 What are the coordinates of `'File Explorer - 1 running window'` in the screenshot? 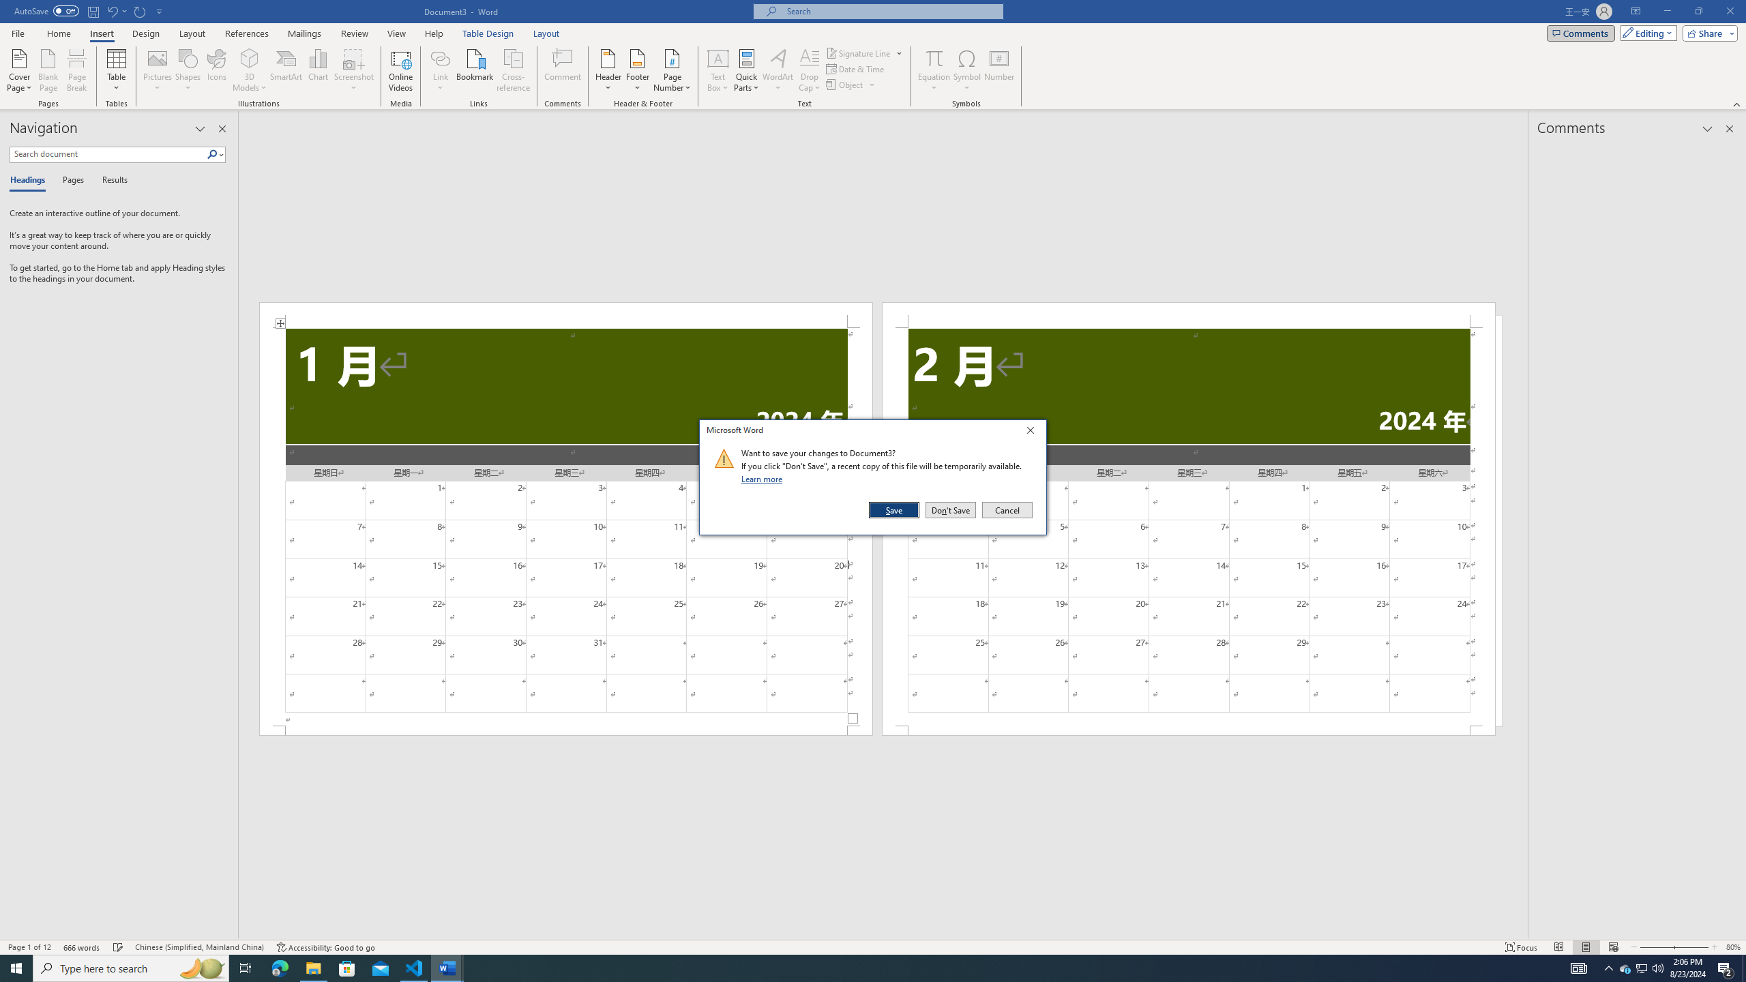 It's located at (312, 967).